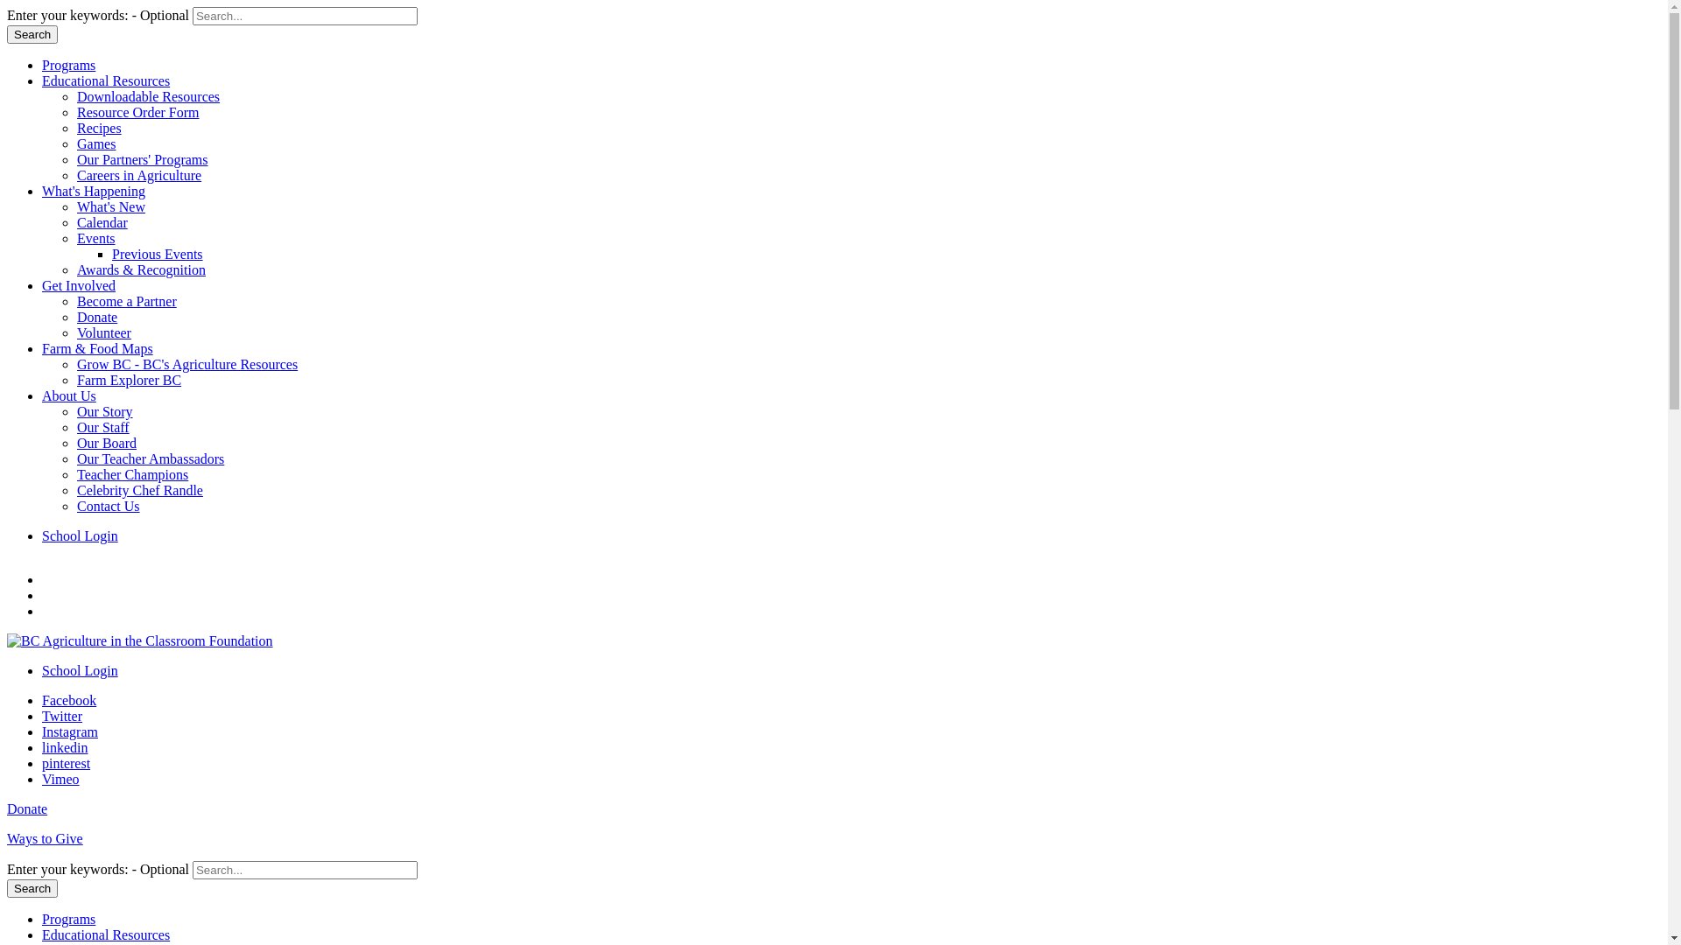 The height and width of the screenshot is (945, 1681). I want to click on 'Careers in Agriculture', so click(137, 175).